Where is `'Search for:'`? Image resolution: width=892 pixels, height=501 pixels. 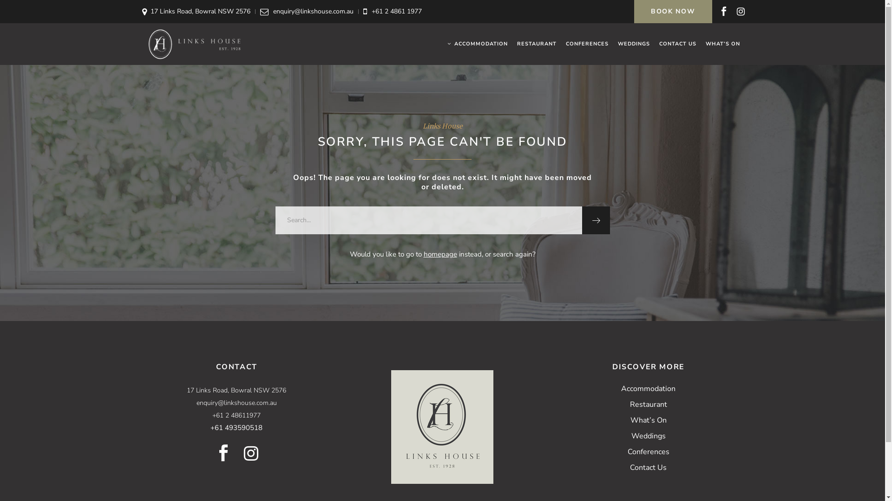
'Search for:' is located at coordinates (427, 220).